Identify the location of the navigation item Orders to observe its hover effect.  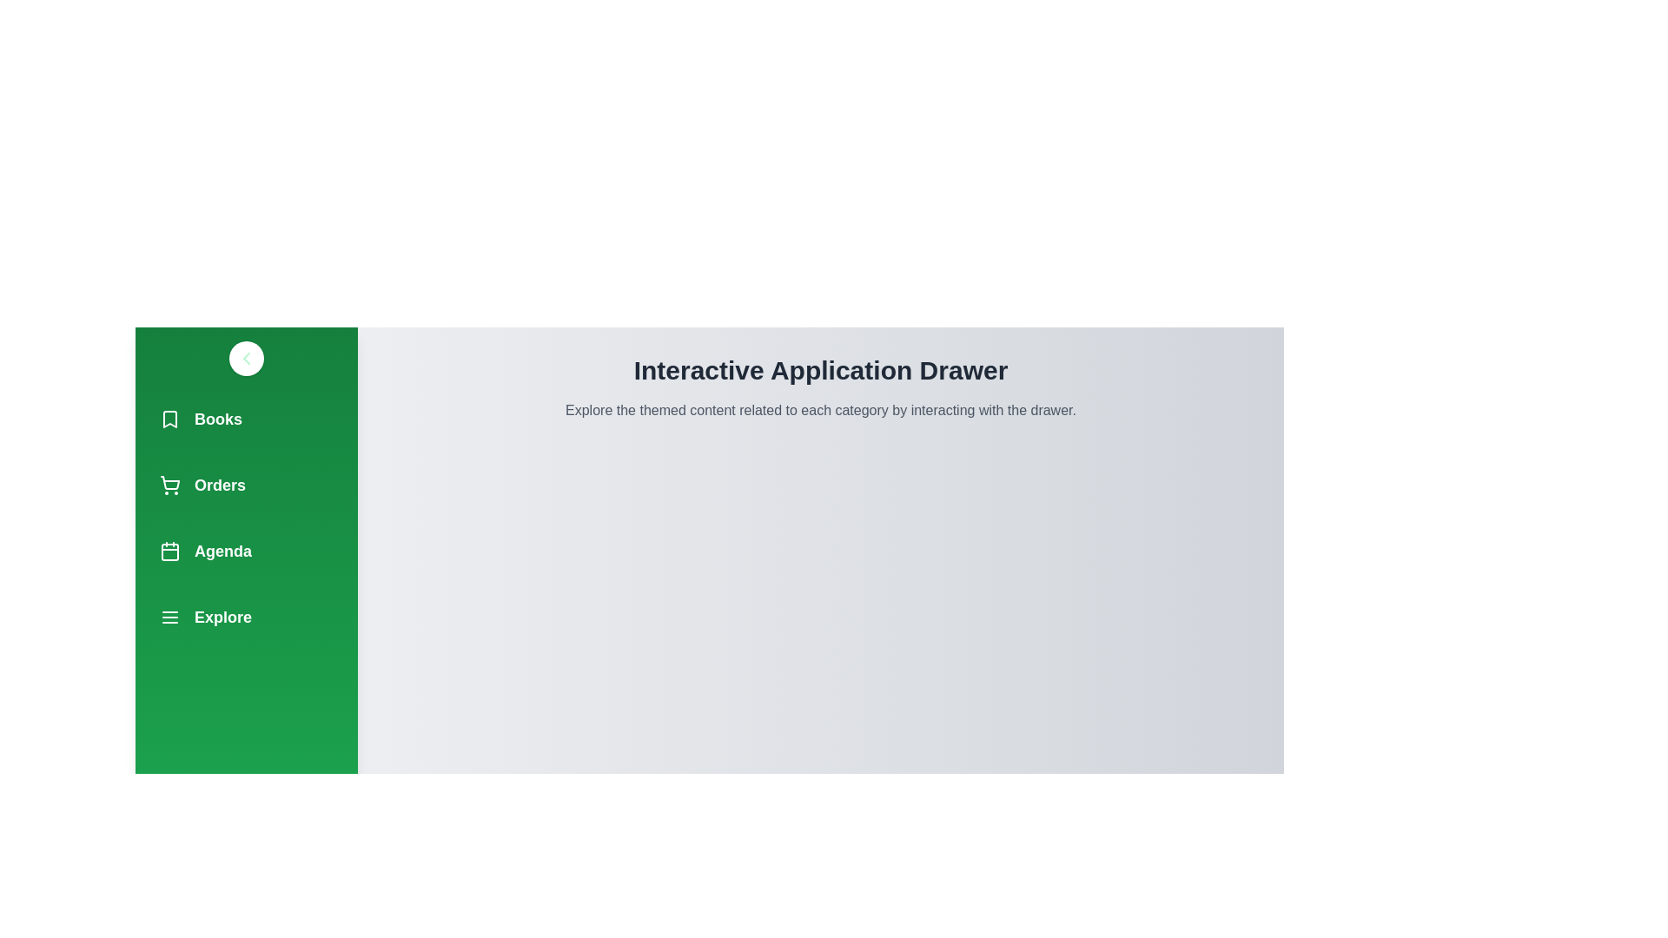
(245, 486).